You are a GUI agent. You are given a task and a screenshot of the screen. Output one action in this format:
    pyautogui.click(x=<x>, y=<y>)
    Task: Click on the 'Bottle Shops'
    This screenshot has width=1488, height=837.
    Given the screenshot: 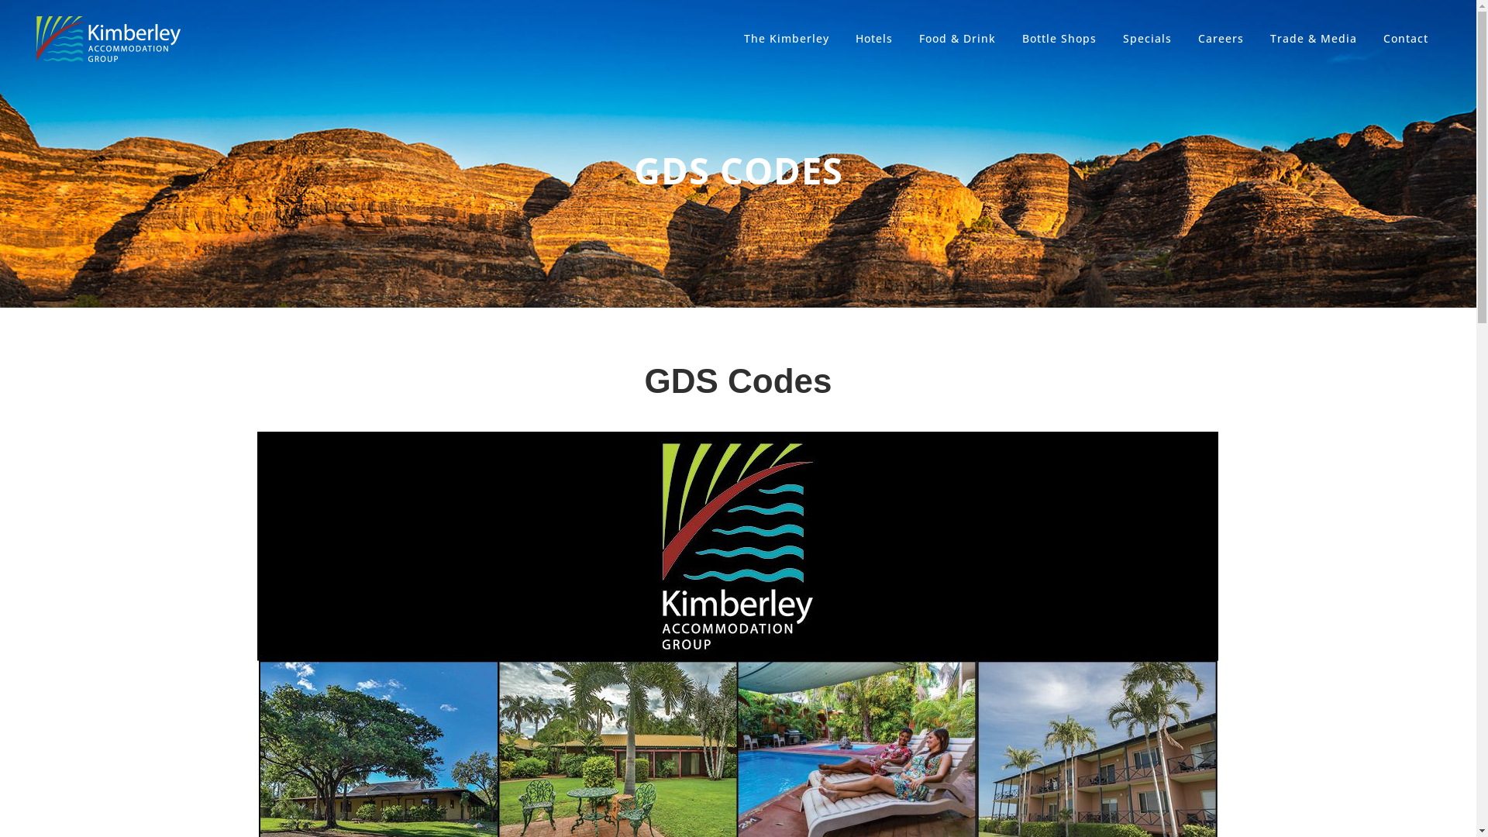 What is the action you would take?
    pyautogui.click(x=1059, y=38)
    